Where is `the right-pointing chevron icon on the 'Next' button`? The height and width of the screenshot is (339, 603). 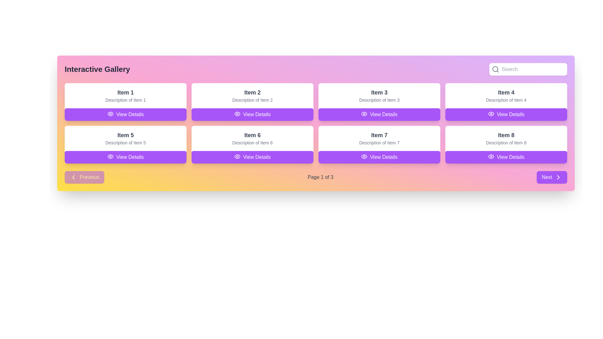
the right-pointing chevron icon on the 'Next' button is located at coordinates (558, 177).